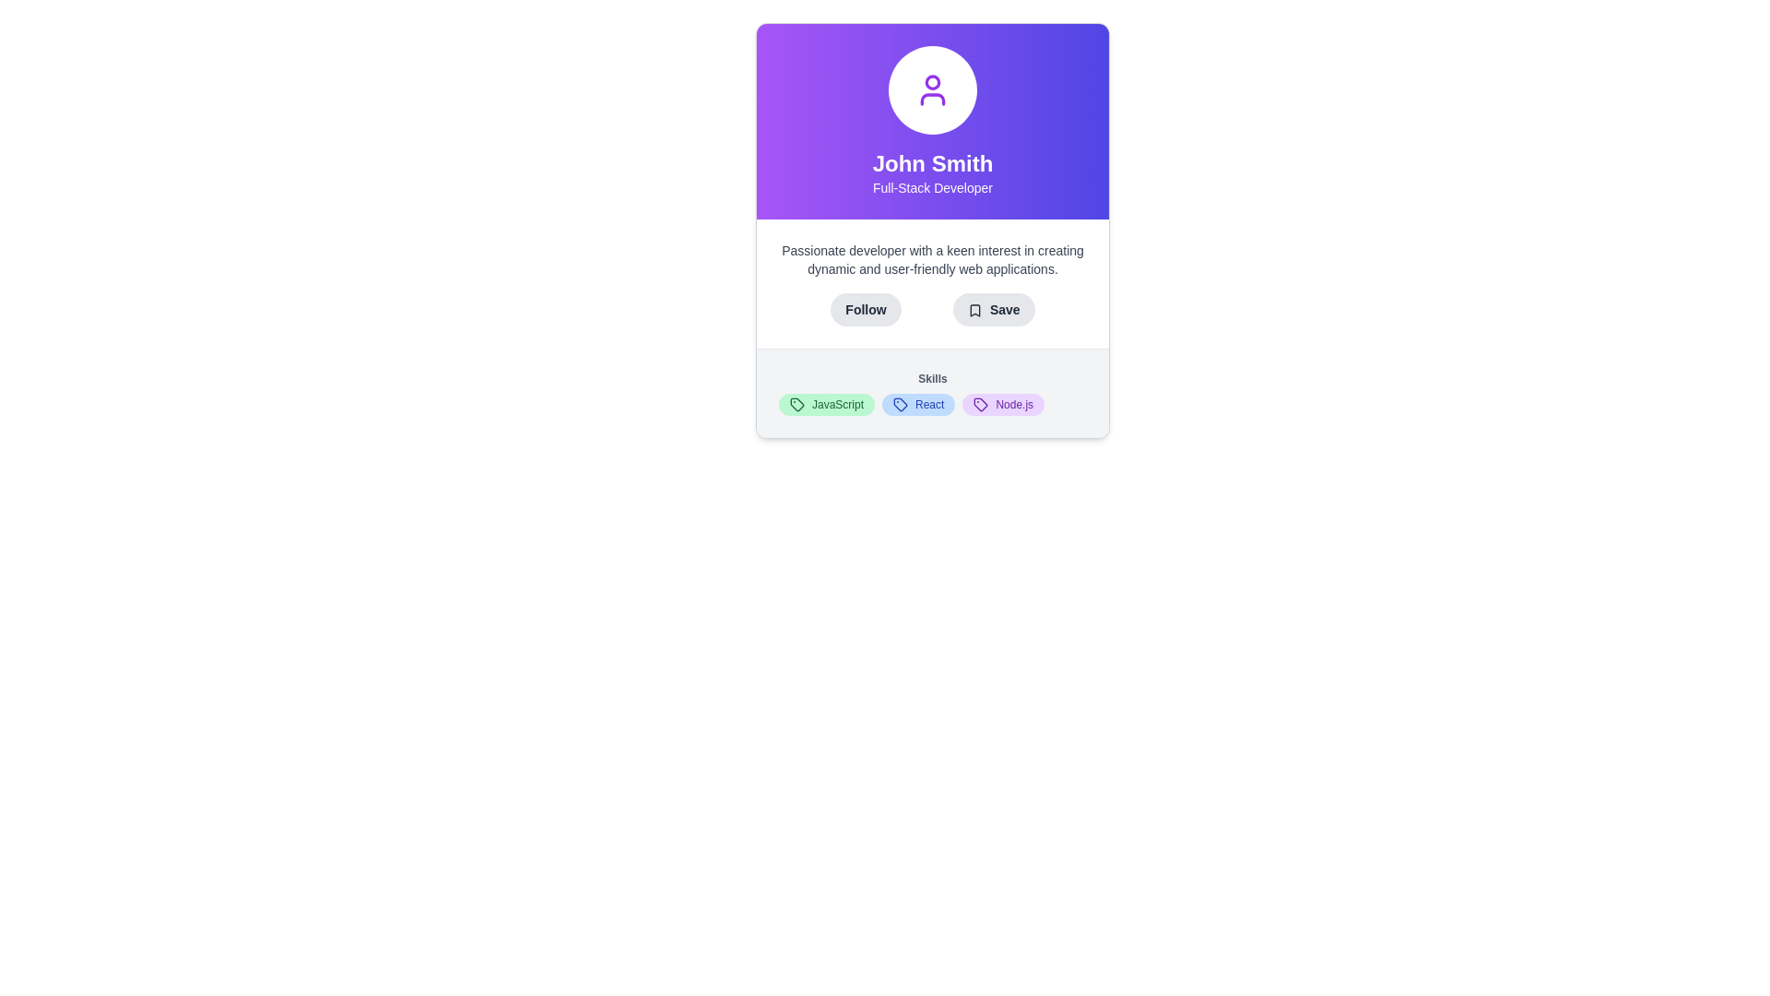 The height and width of the screenshot is (996, 1770). What do you see at coordinates (933, 162) in the screenshot?
I see `the text label displaying 'John Smith' in a bold, large font, which is styled center-aligned within a violet gradient background` at bounding box center [933, 162].